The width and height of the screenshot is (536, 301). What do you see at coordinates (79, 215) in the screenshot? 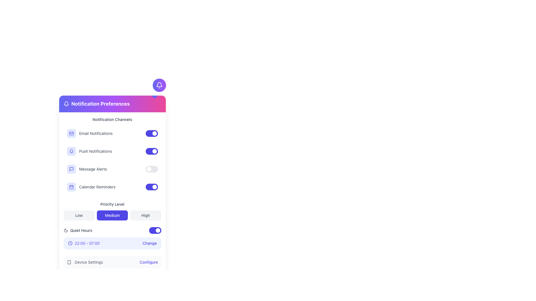
I see `the 'Low' priority button located on the leftmost side of a group of three buttons under the 'Priority Level' label in the 'Notification Preferences' interface` at bounding box center [79, 215].